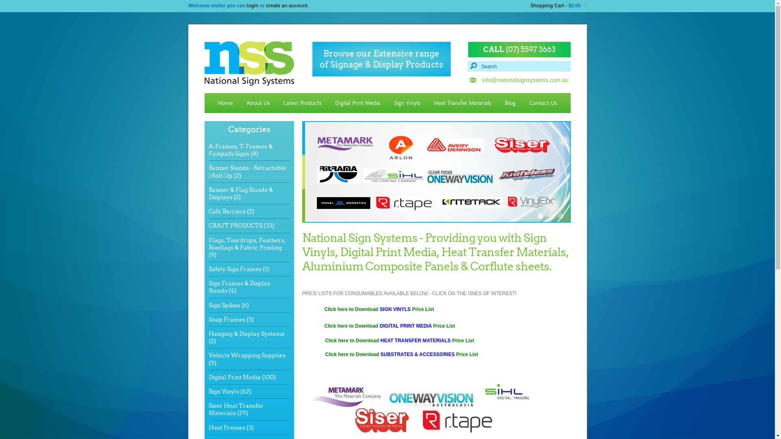 Image resolution: width=781 pixels, height=439 pixels. What do you see at coordinates (302, 102) in the screenshot?
I see `'Latest Products'` at bounding box center [302, 102].